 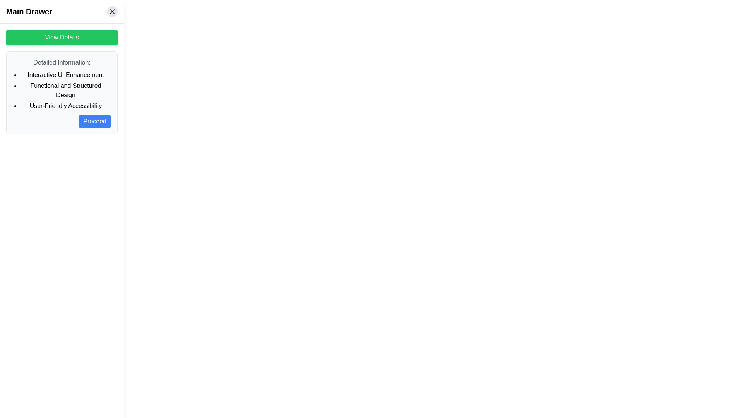 What do you see at coordinates (94, 121) in the screenshot?
I see `the confirmation button located at the bottom-right corner of the 'Detailed Information' section` at bounding box center [94, 121].